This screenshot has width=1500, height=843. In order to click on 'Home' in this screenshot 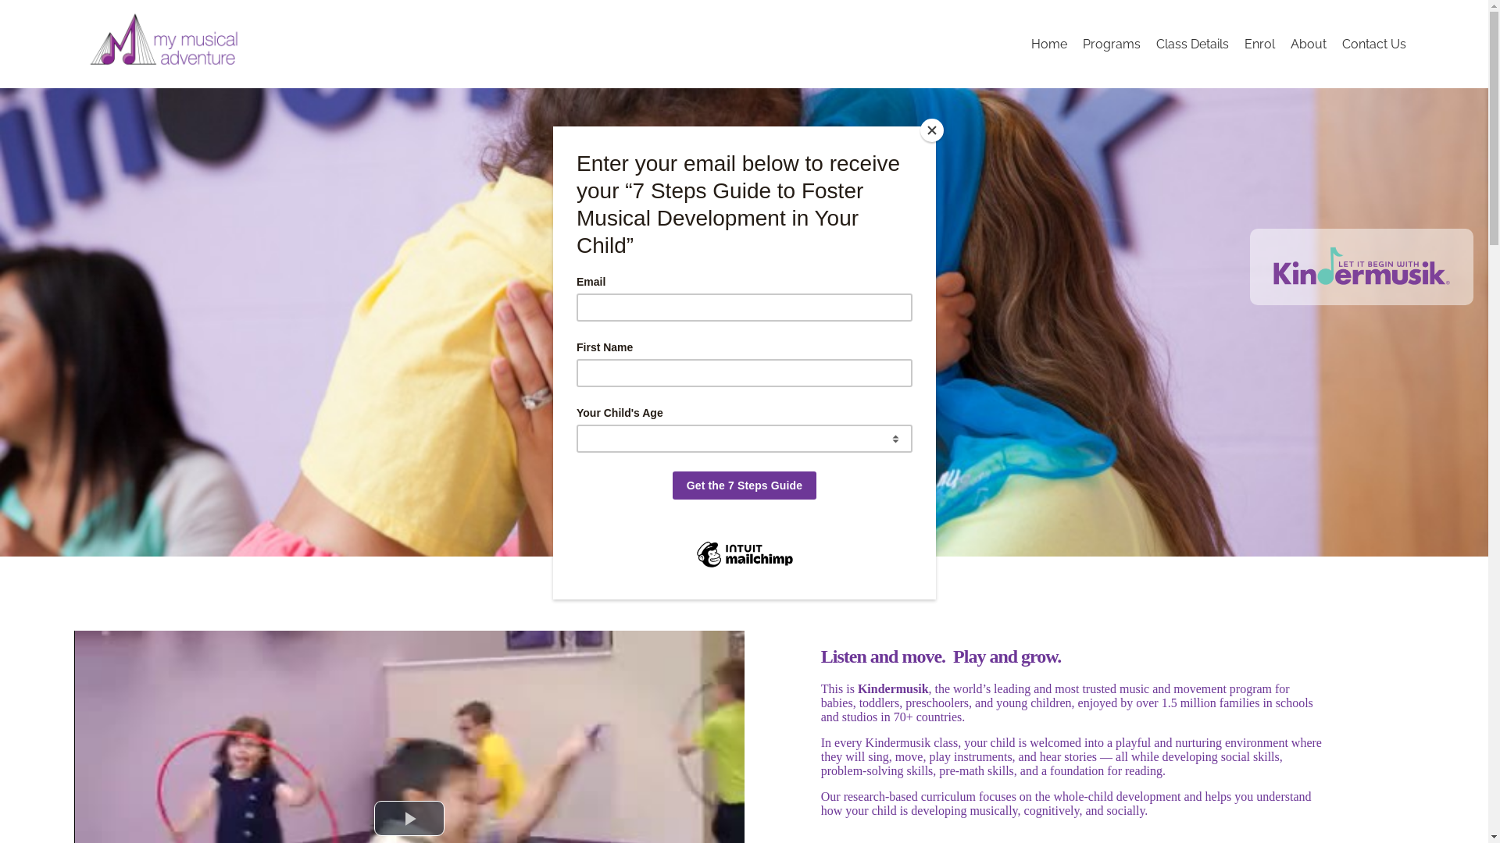, I will do `click(1049, 43)`.